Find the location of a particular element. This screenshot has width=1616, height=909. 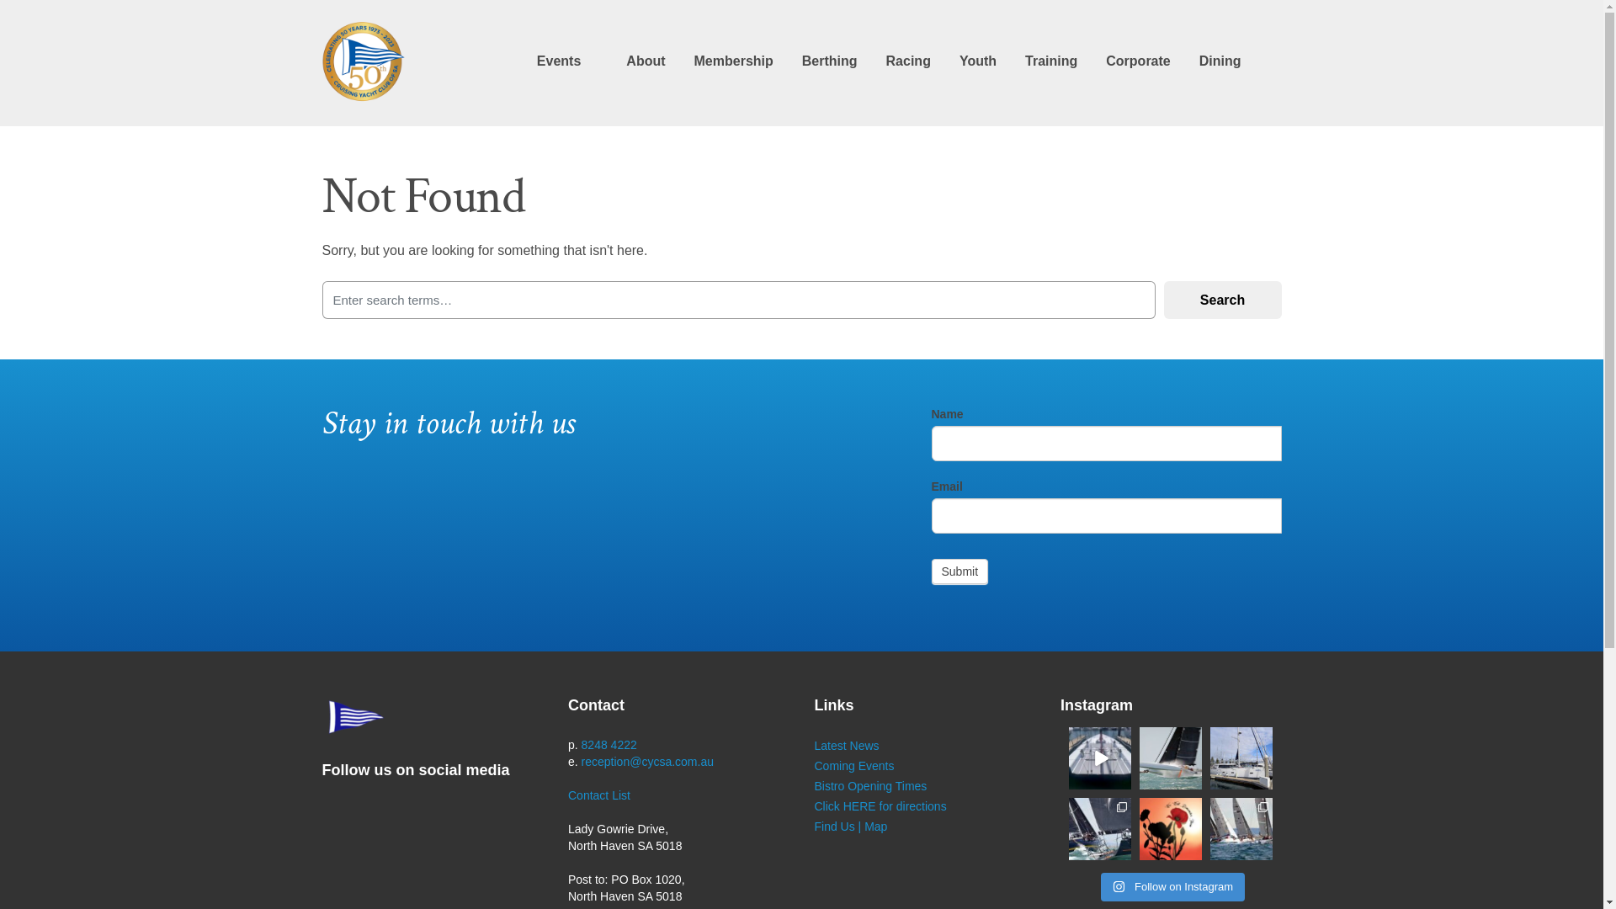

'Racing' is located at coordinates (885, 61).